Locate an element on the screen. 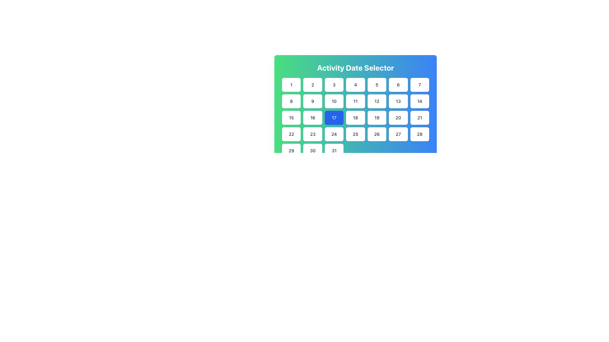  the date selection button for the 31st in the calendar interface, located in the last row and last column of the grid layout is located at coordinates (334, 150).